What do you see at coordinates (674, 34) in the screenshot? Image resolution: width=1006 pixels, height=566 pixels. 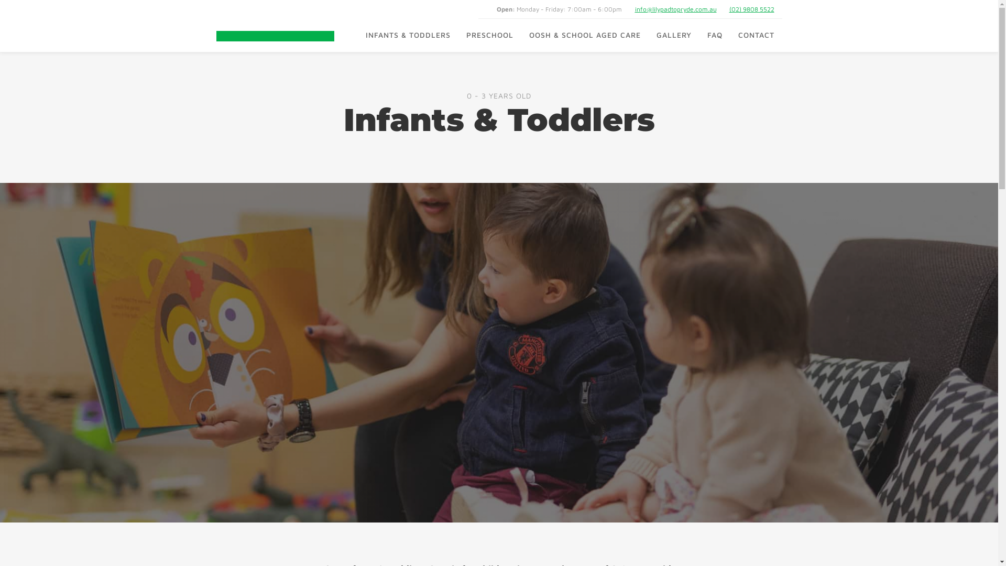 I see `'GALLERY'` at bounding box center [674, 34].